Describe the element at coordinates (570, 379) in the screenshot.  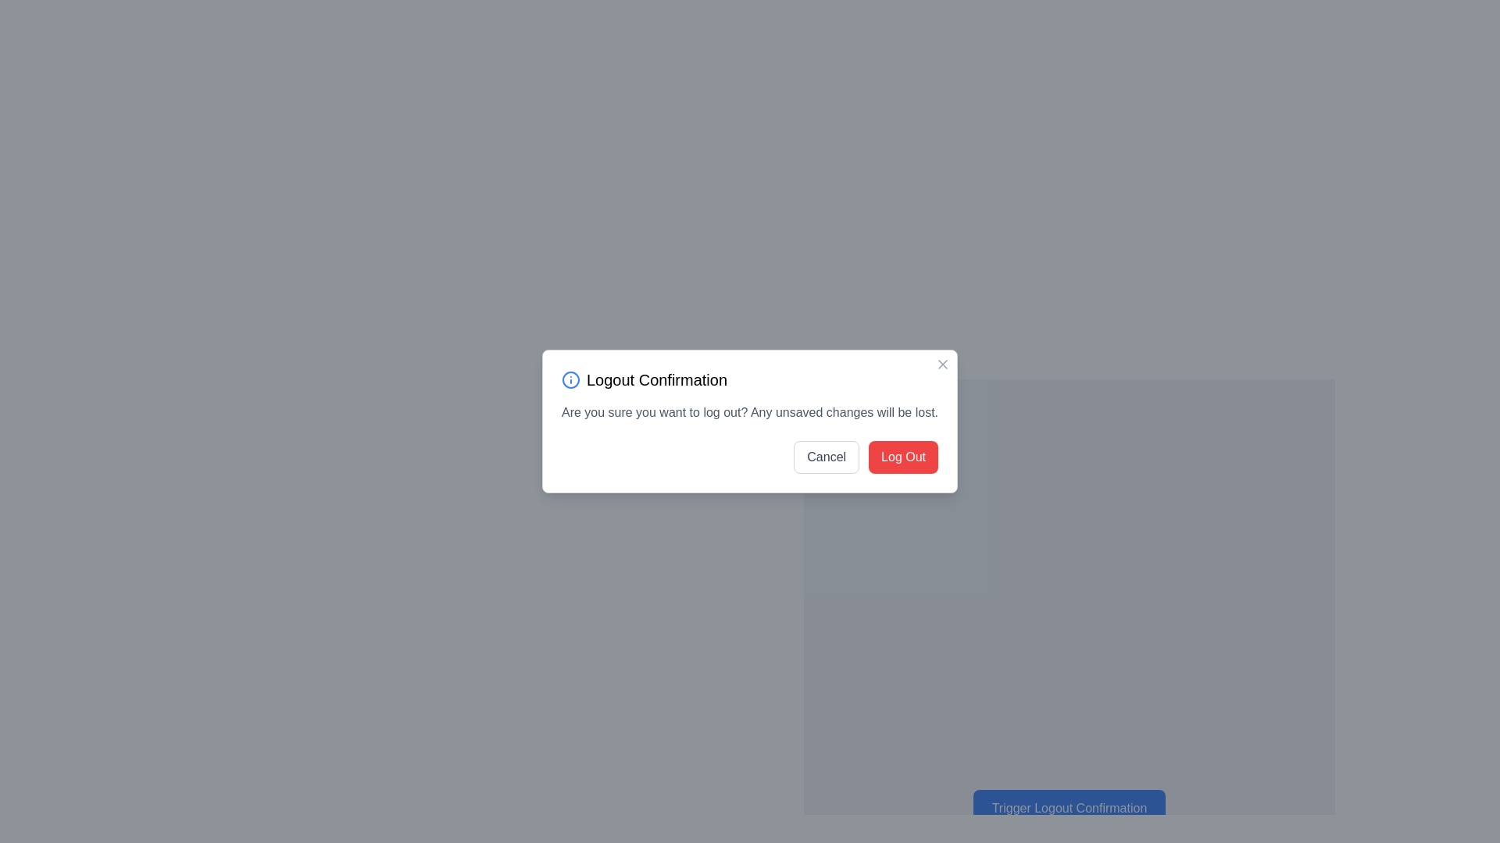
I see `the circular icon with a blue outline representing informational context, which is positioned to the left of the 'Logout Confirmation' title text` at that location.